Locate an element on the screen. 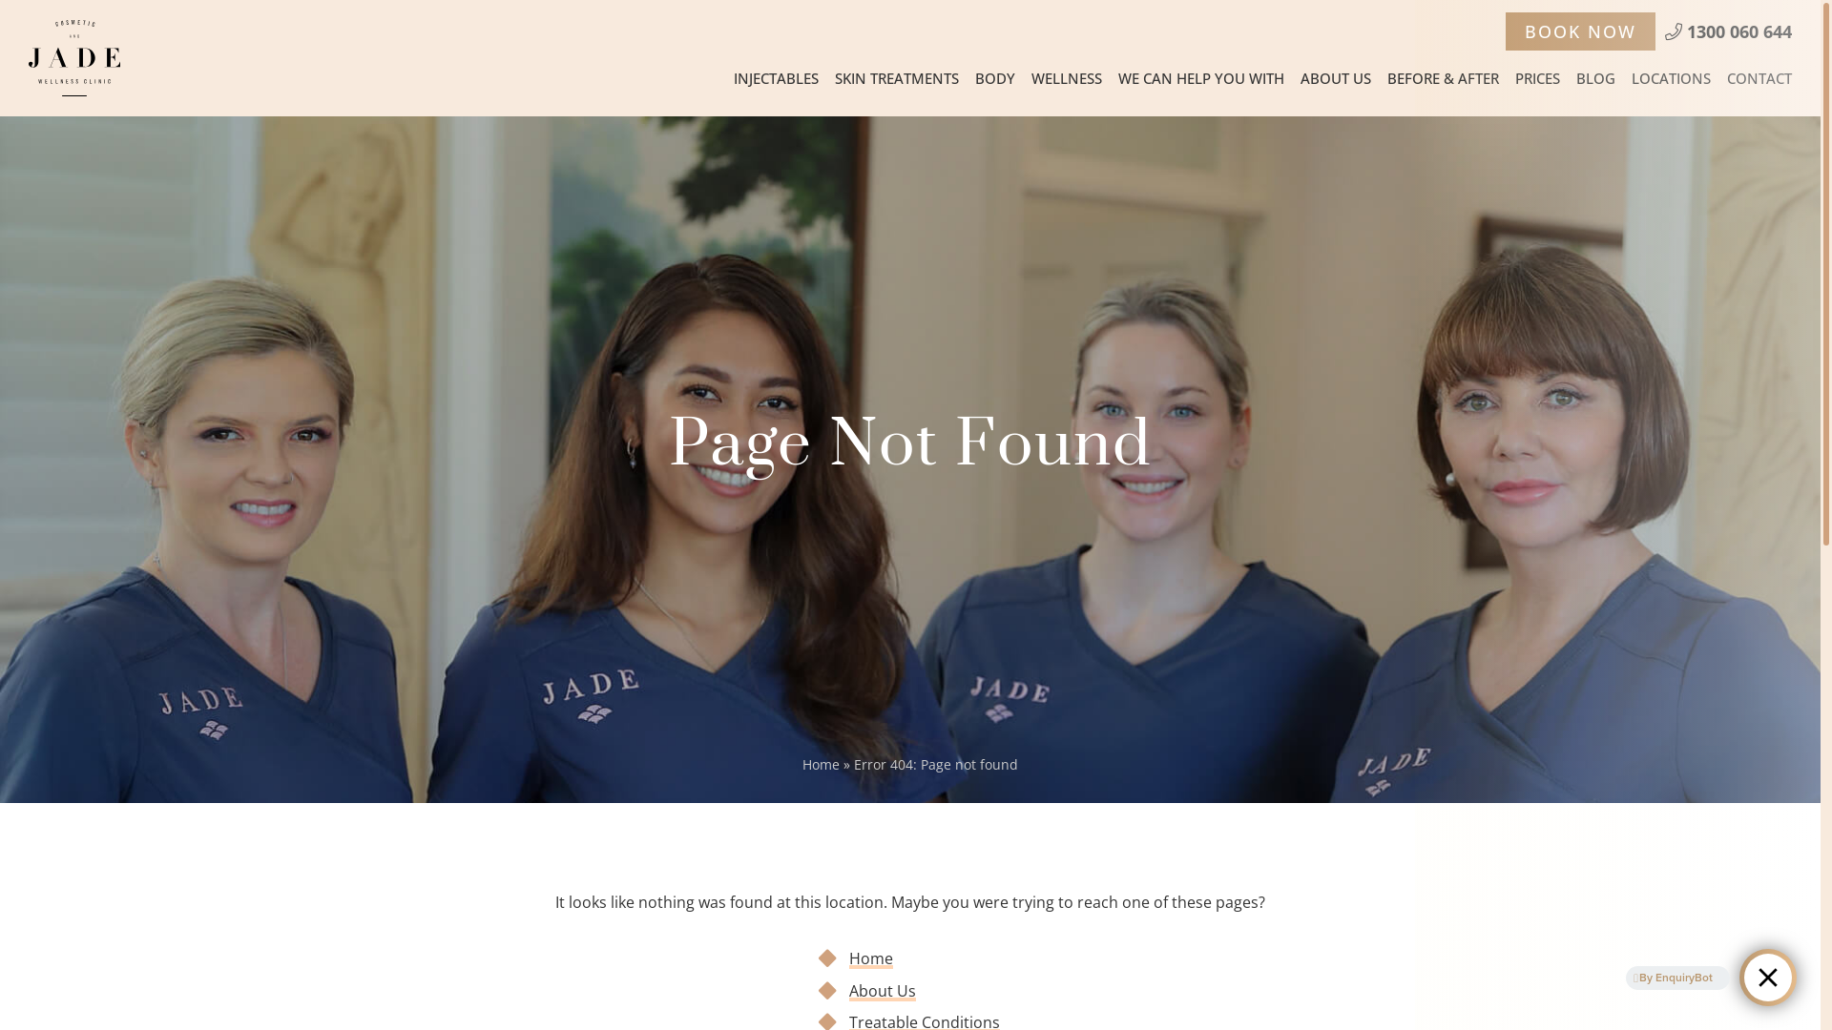 This screenshot has height=1030, width=1832. 'WELLNESS' is located at coordinates (1030, 76).